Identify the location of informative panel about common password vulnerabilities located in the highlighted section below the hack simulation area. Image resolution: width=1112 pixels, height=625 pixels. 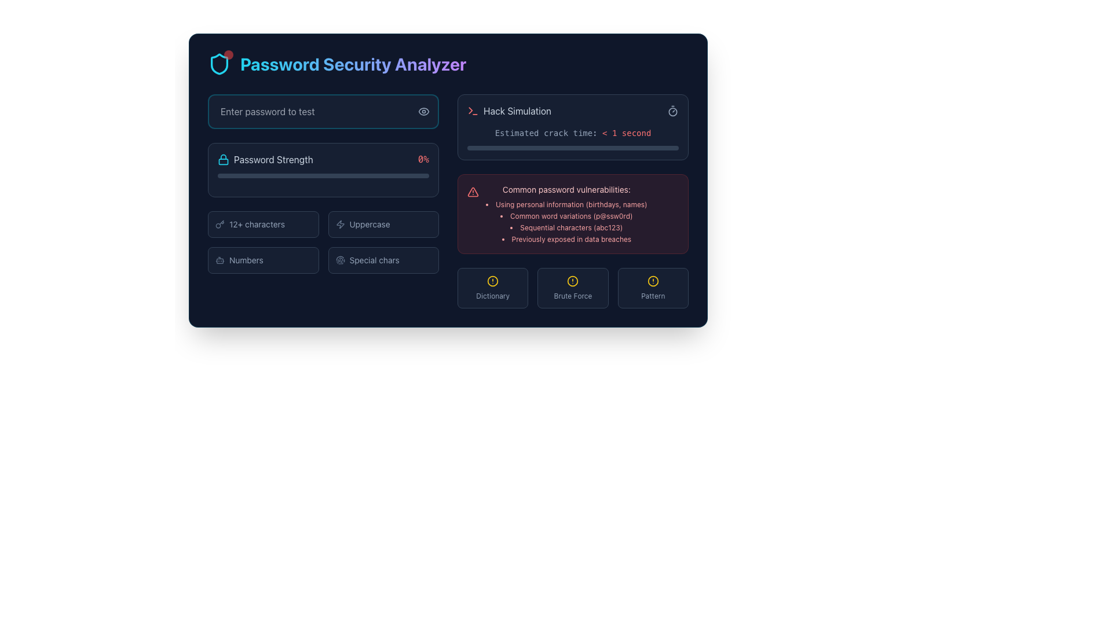
(573, 214).